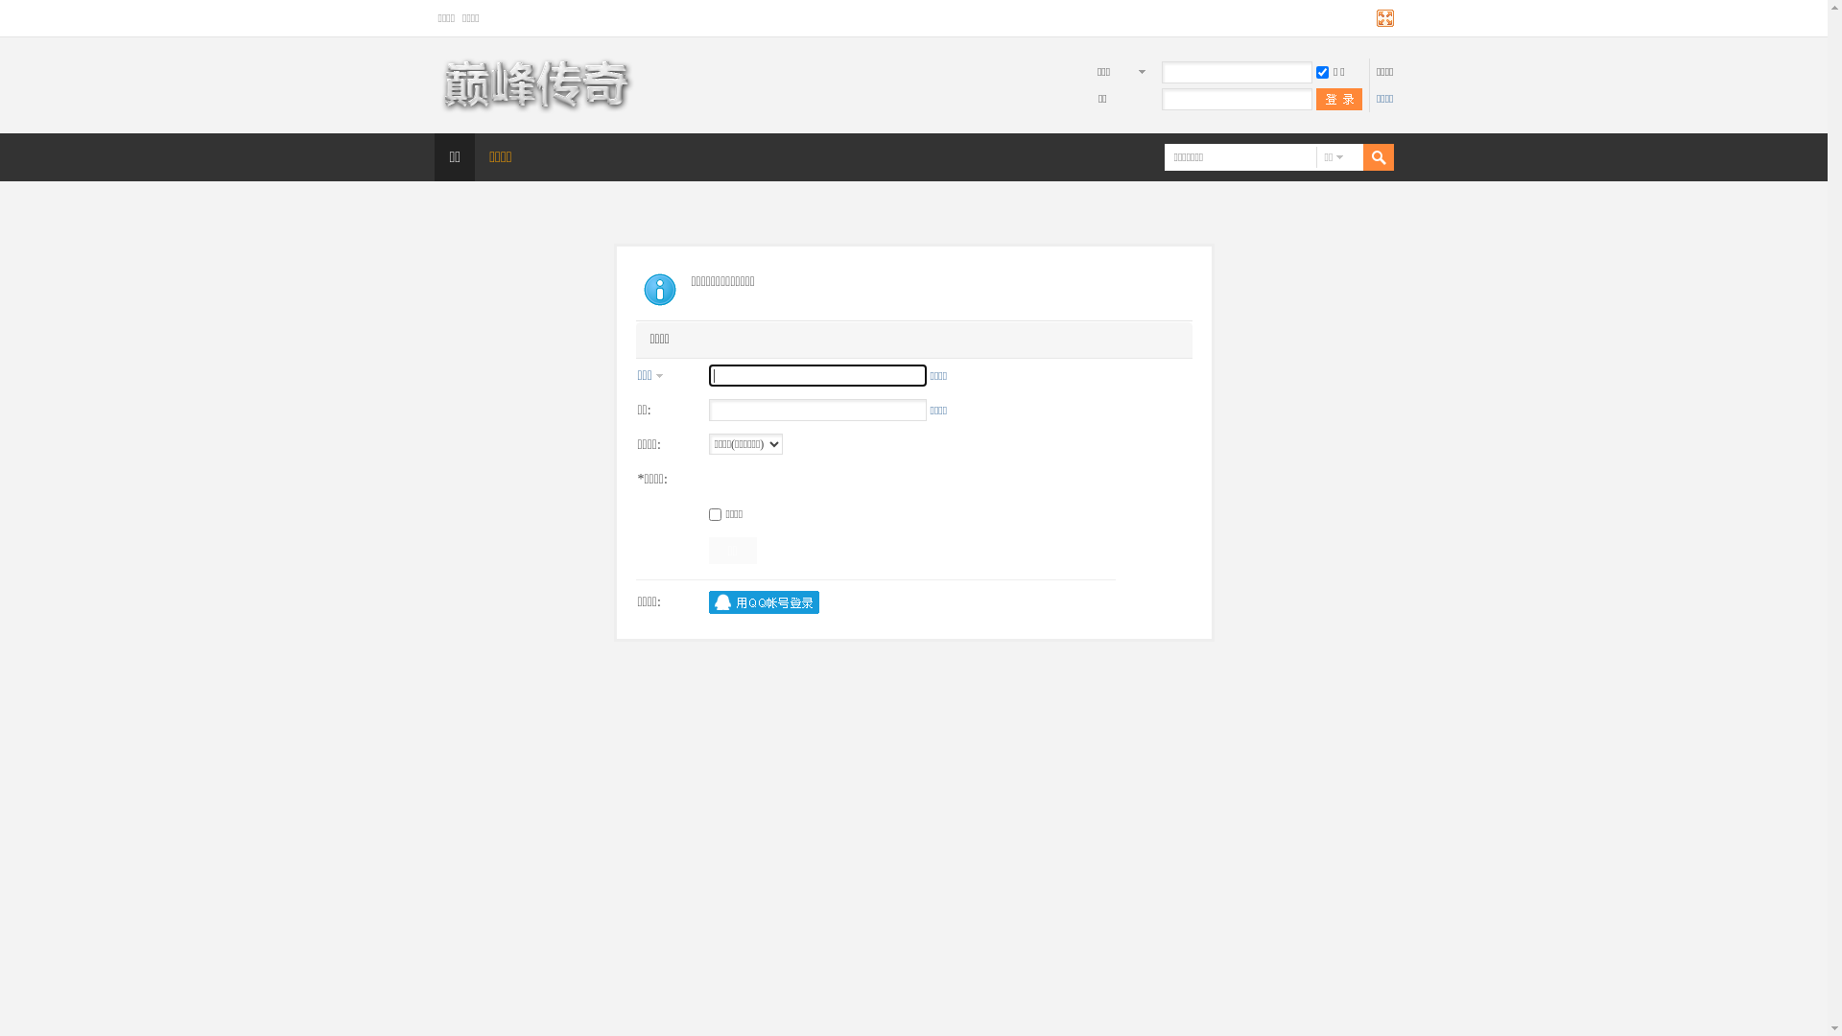 This screenshot has width=1842, height=1036. What do you see at coordinates (1347, 156) in the screenshot?
I see `'  '` at bounding box center [1347, 156].